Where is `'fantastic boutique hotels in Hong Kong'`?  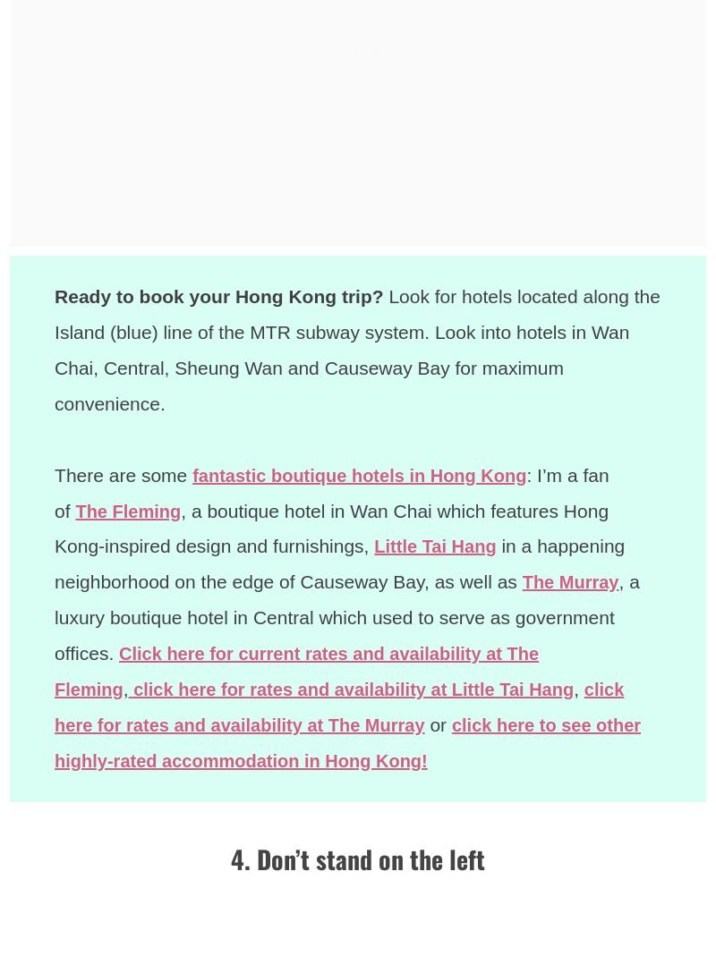
'fantastic boutique hotels in Hong Kong' is located at coordinates (368, 473).